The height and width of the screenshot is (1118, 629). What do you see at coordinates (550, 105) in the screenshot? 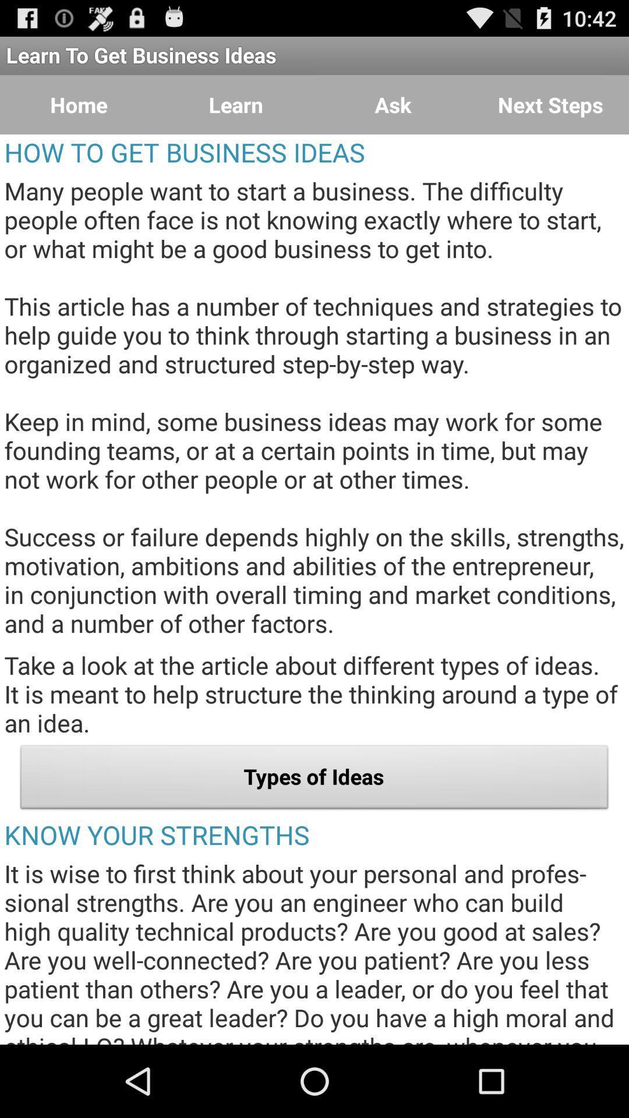
I see `item above how to get item` at bounding box center [550, 105].